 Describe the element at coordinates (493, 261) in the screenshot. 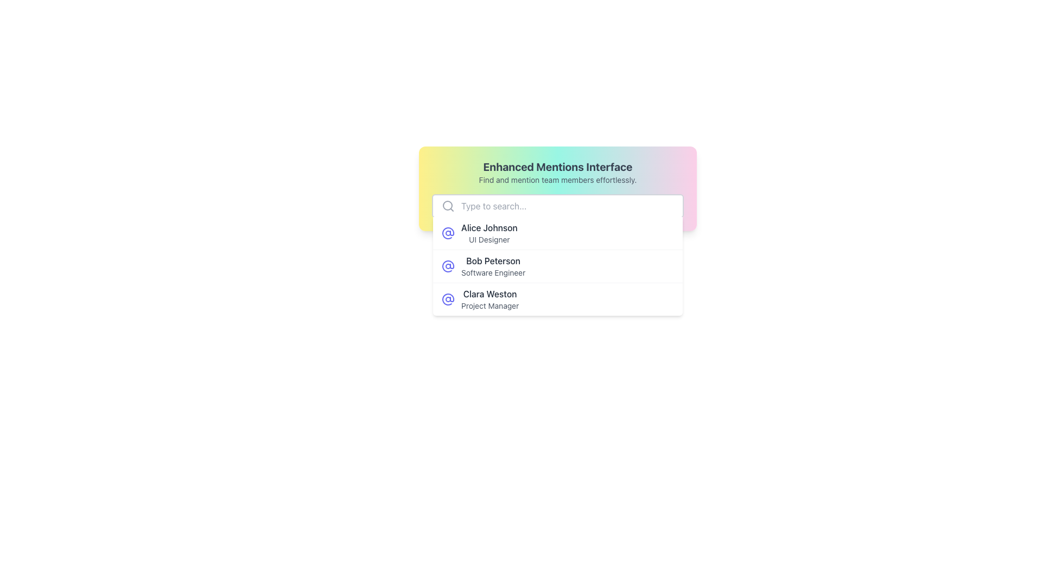

I see `the 'Bob Peterson' text label in the dropdown list` at that location.